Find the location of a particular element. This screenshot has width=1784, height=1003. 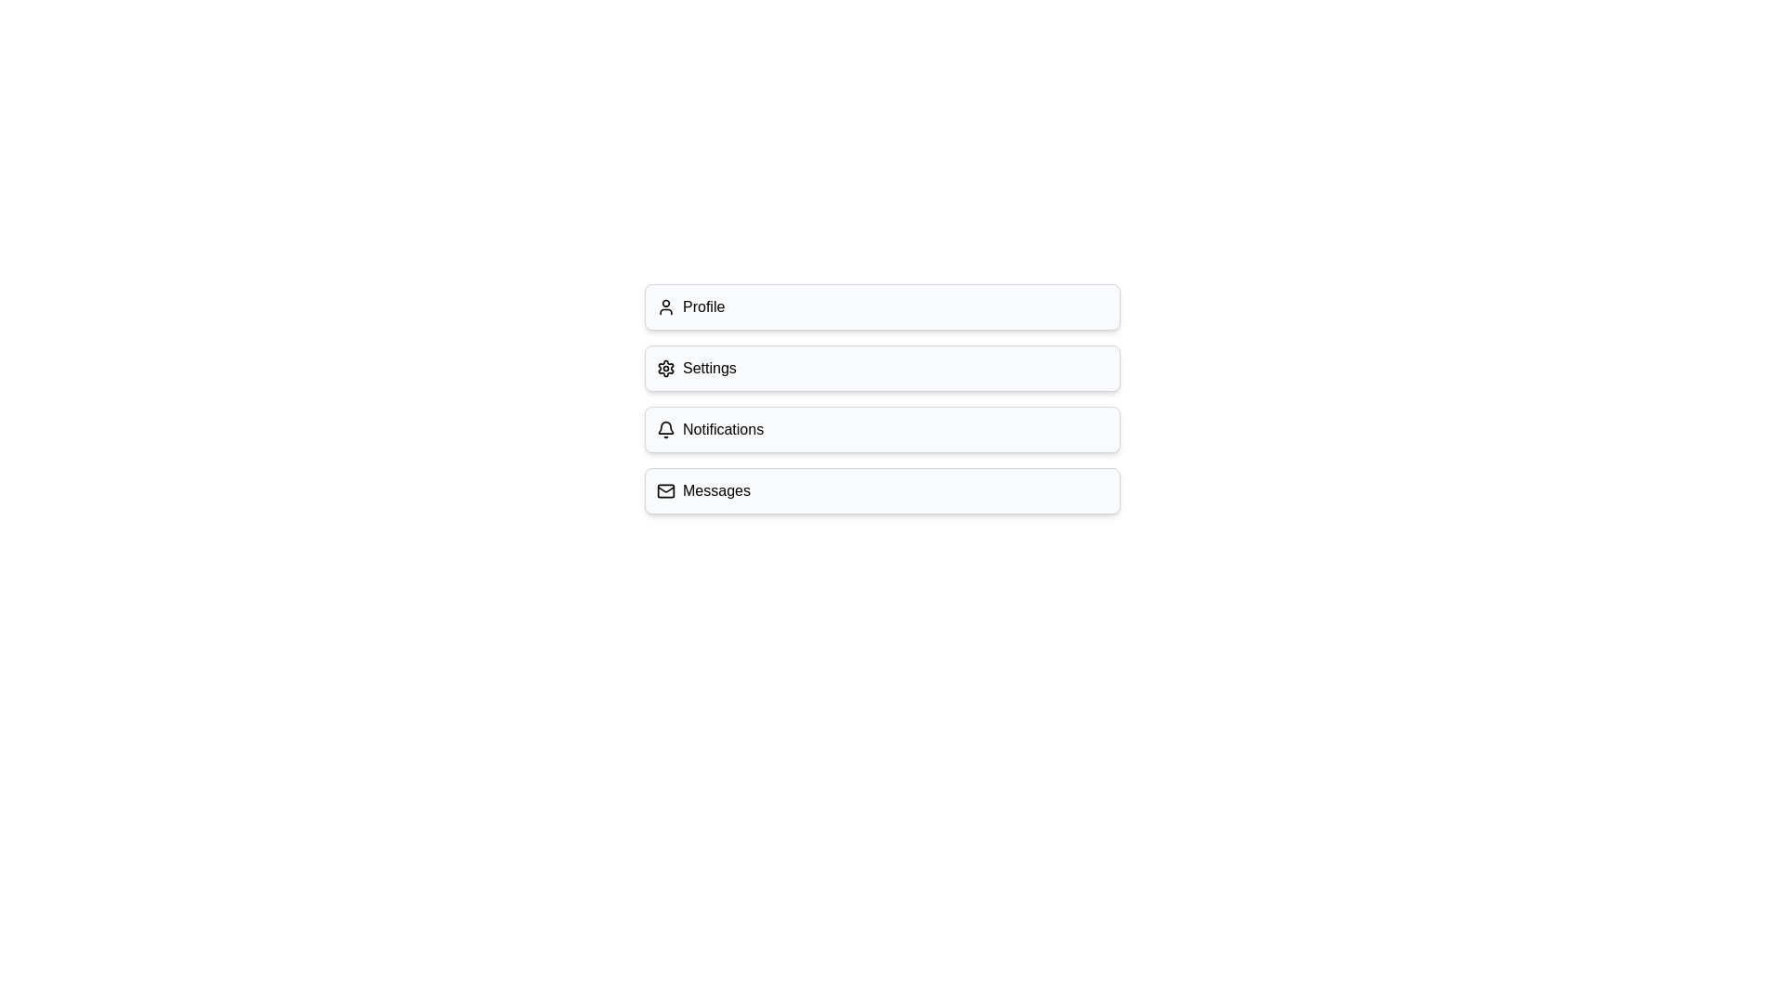

the Notifications option to observe its visual feedback is located at coordinates (882, 429).